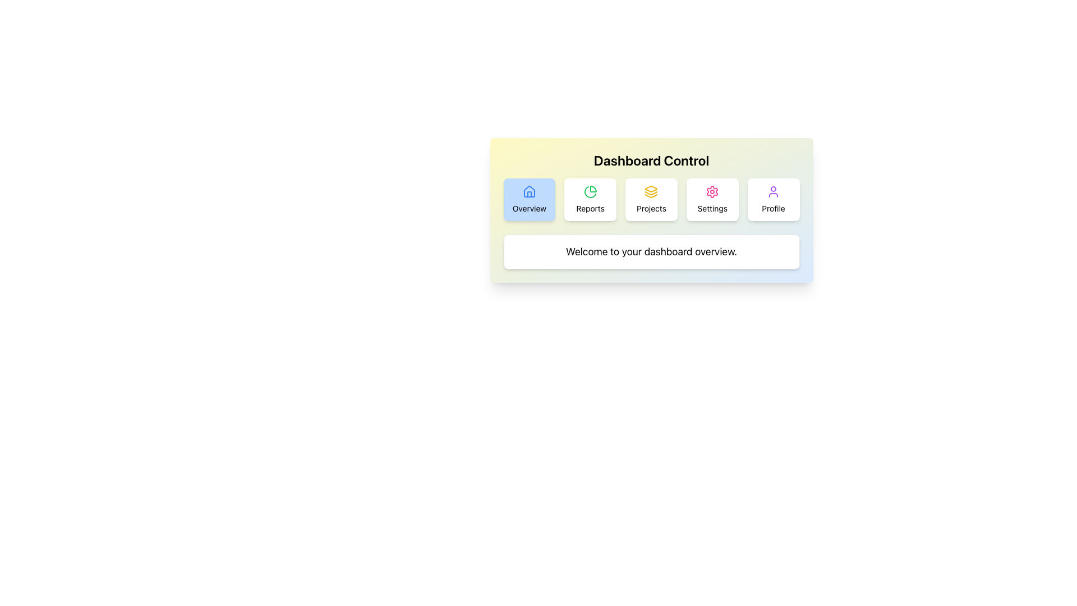  What do you see at coordinates (712, 199) in the screenshot?
I see `the Settings button, which features a pink gear icon and a label in black font, to observe potential hover effects` at bounding box center [712, 199].